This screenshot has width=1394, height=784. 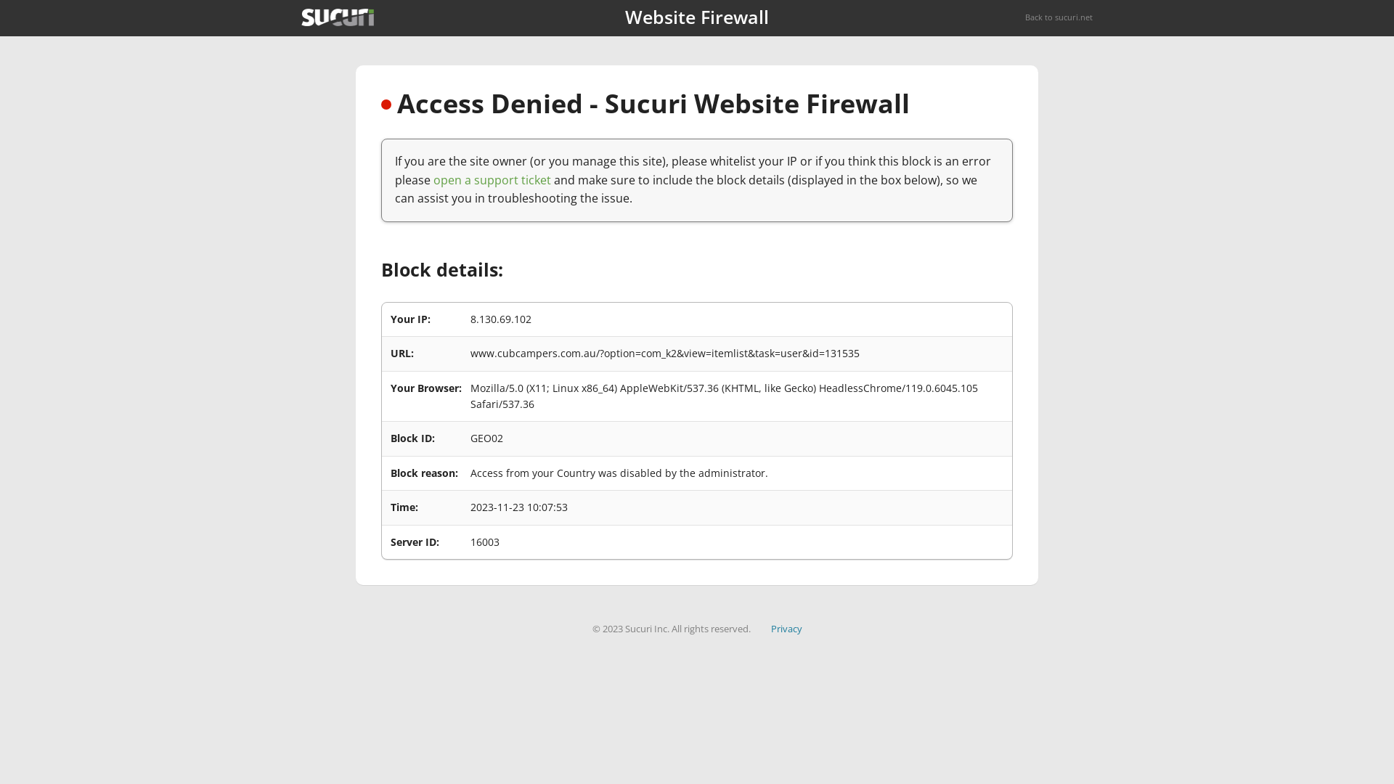 I want to click on 'open a support ticket', so click(x=492, y=179).